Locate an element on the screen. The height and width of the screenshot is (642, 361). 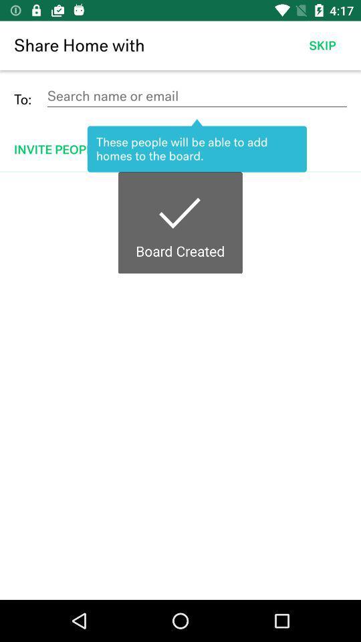
boardcreated is located at coordinates (180, 386).